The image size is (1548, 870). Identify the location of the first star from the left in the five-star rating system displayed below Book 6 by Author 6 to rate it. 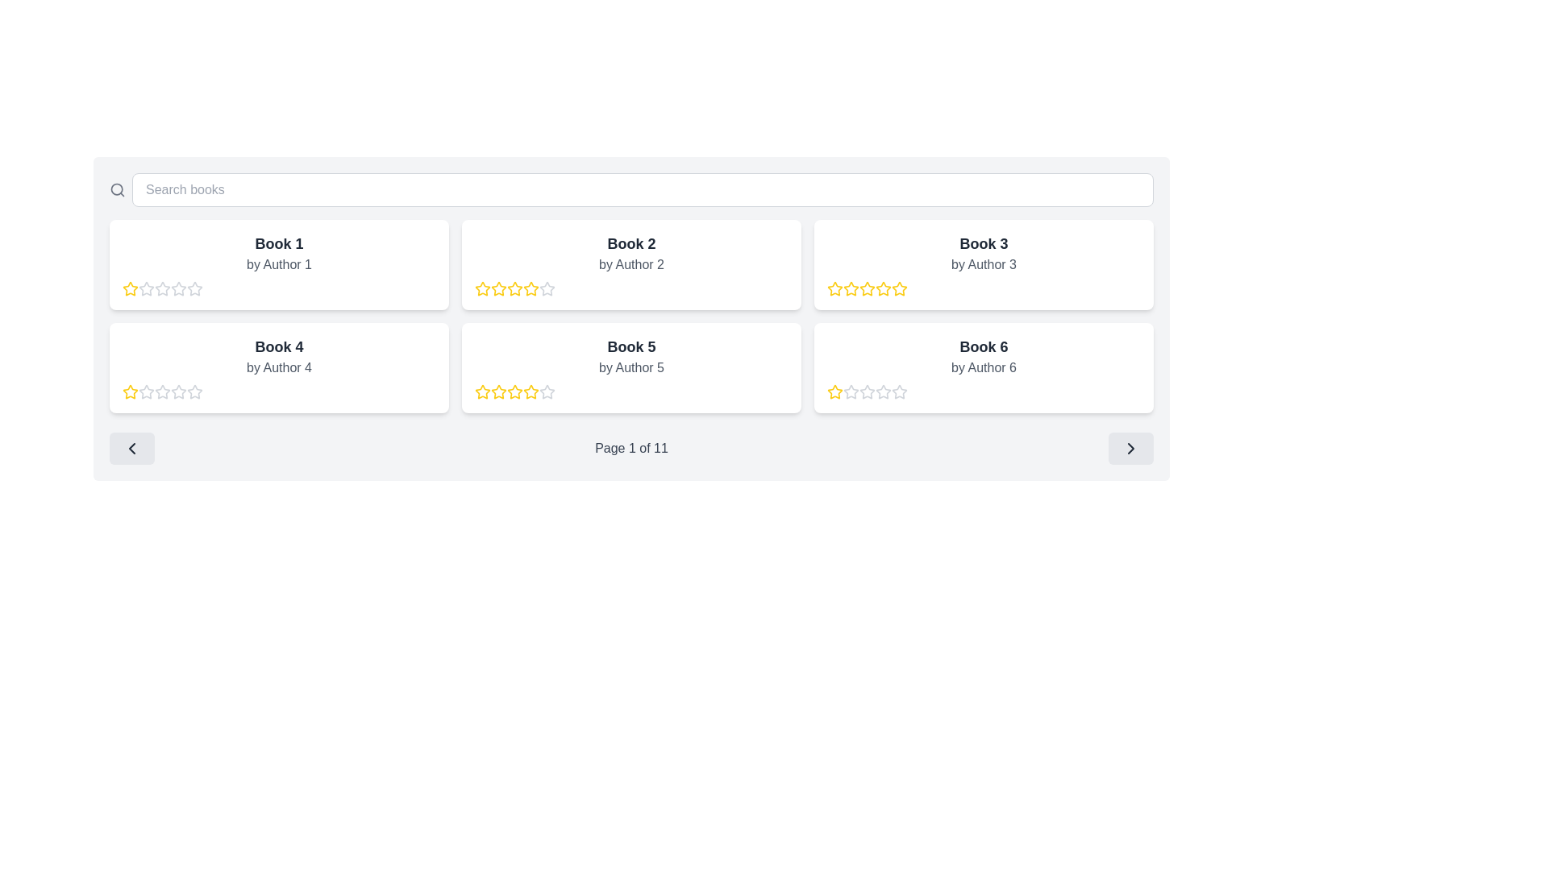
(834, 391).